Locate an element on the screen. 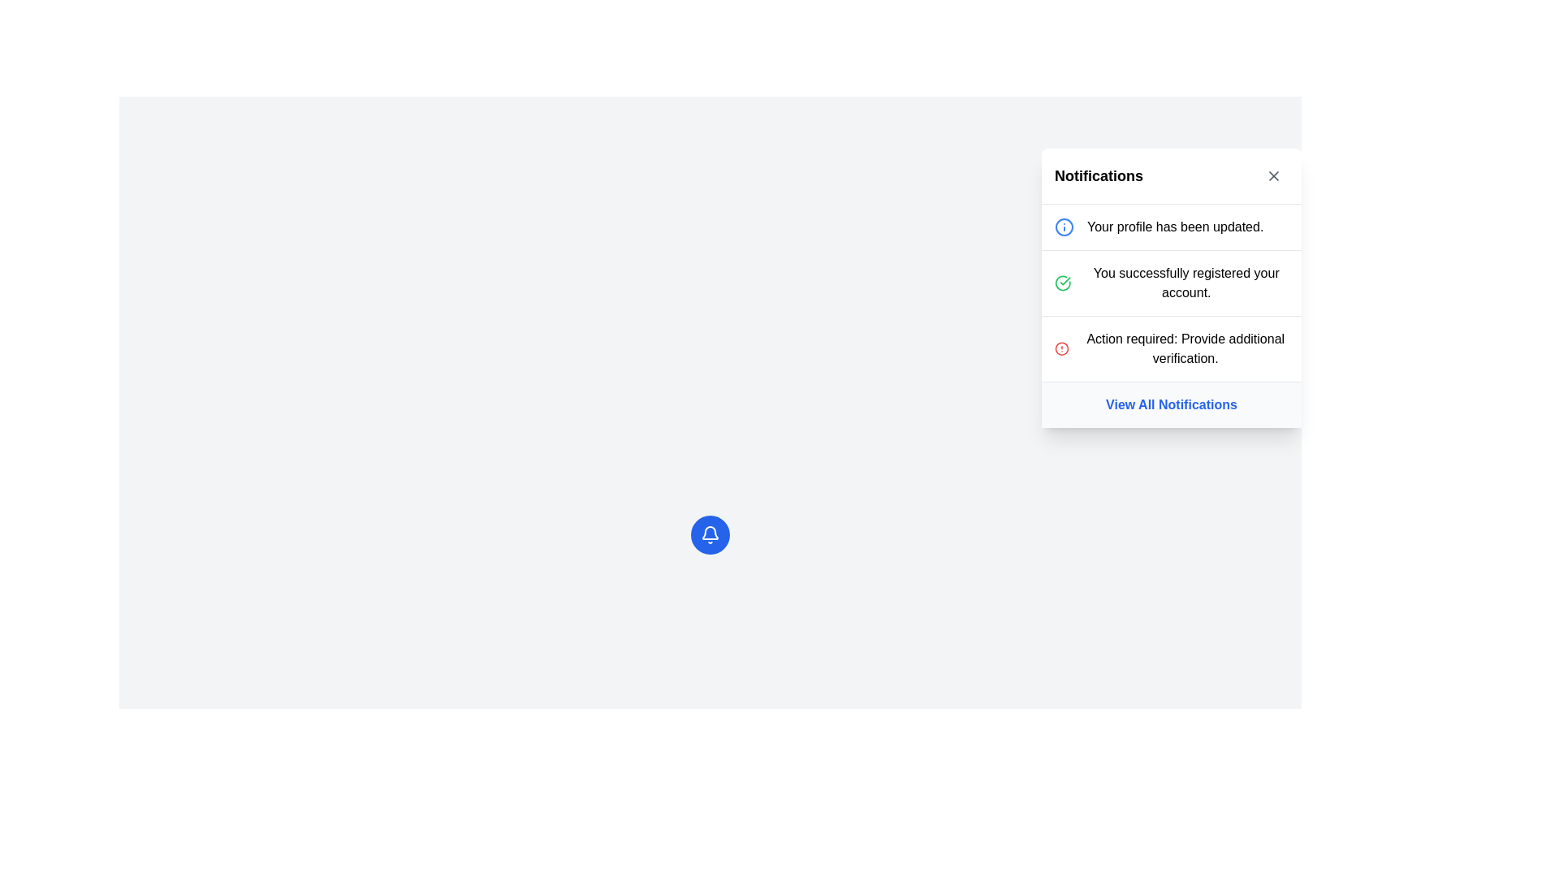 This screenshot has width=1559, height=877. the close button located at the top-right corner of the notifications panel is located at coordinates (1273, 175).